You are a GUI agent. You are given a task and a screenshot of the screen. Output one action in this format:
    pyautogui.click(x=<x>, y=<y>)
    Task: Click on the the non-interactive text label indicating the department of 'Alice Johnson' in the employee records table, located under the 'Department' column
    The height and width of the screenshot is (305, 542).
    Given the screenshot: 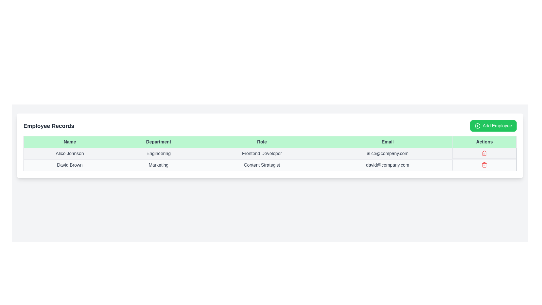 What is the action you would take?
    pyautogui.click(x=158, y=153)
    